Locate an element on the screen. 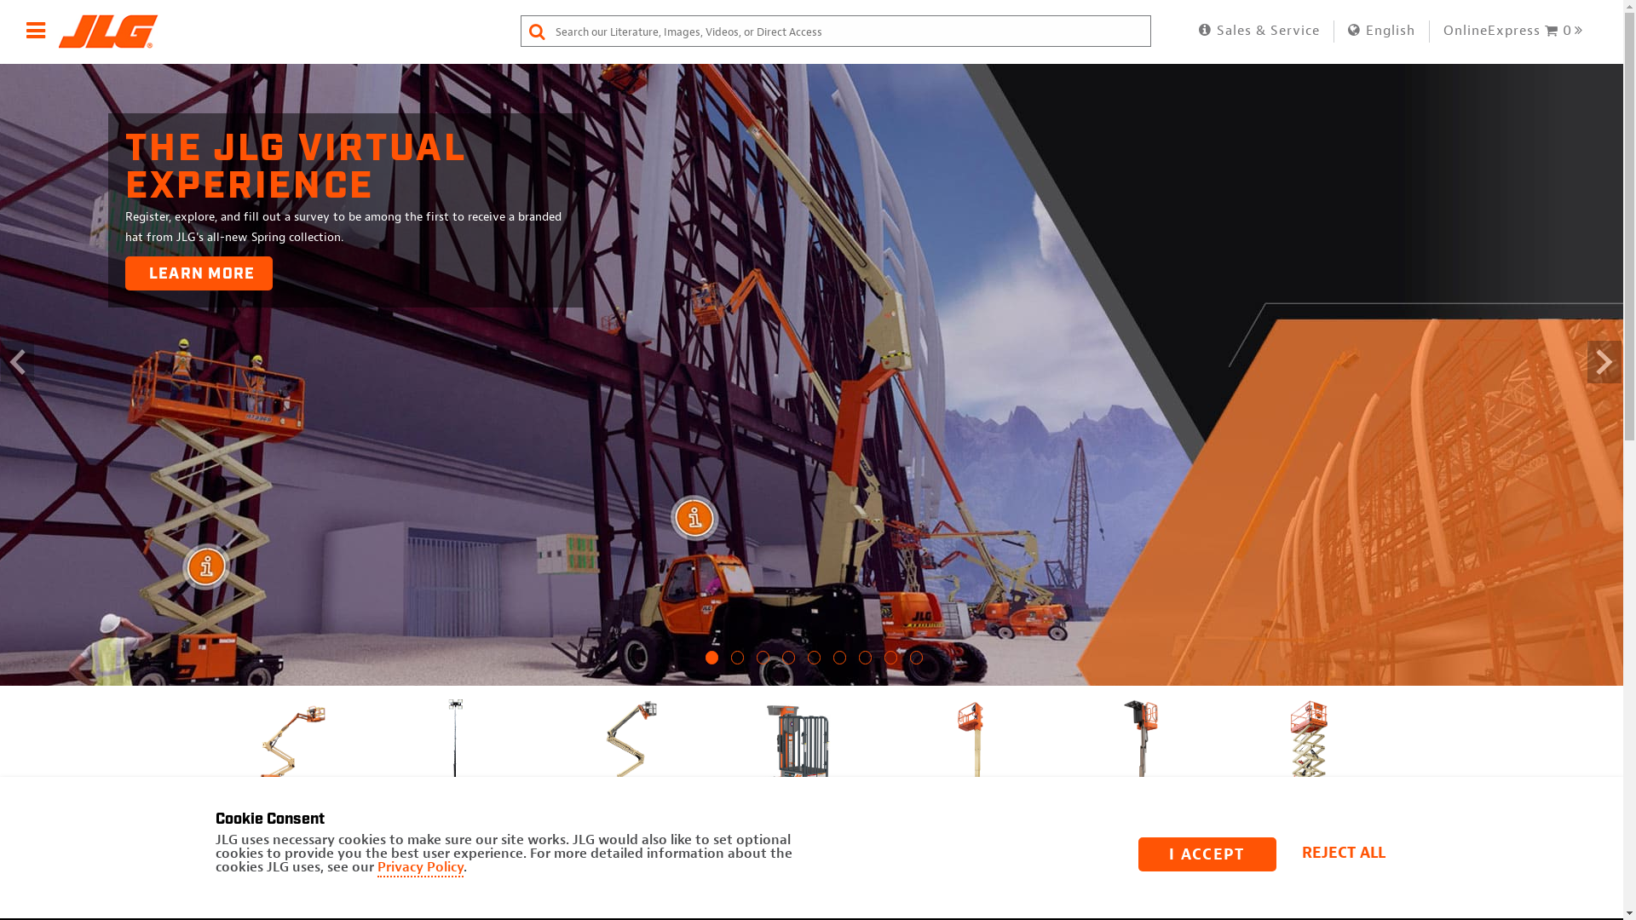  'Low-Level Access' is located at coordinates (725, 757).